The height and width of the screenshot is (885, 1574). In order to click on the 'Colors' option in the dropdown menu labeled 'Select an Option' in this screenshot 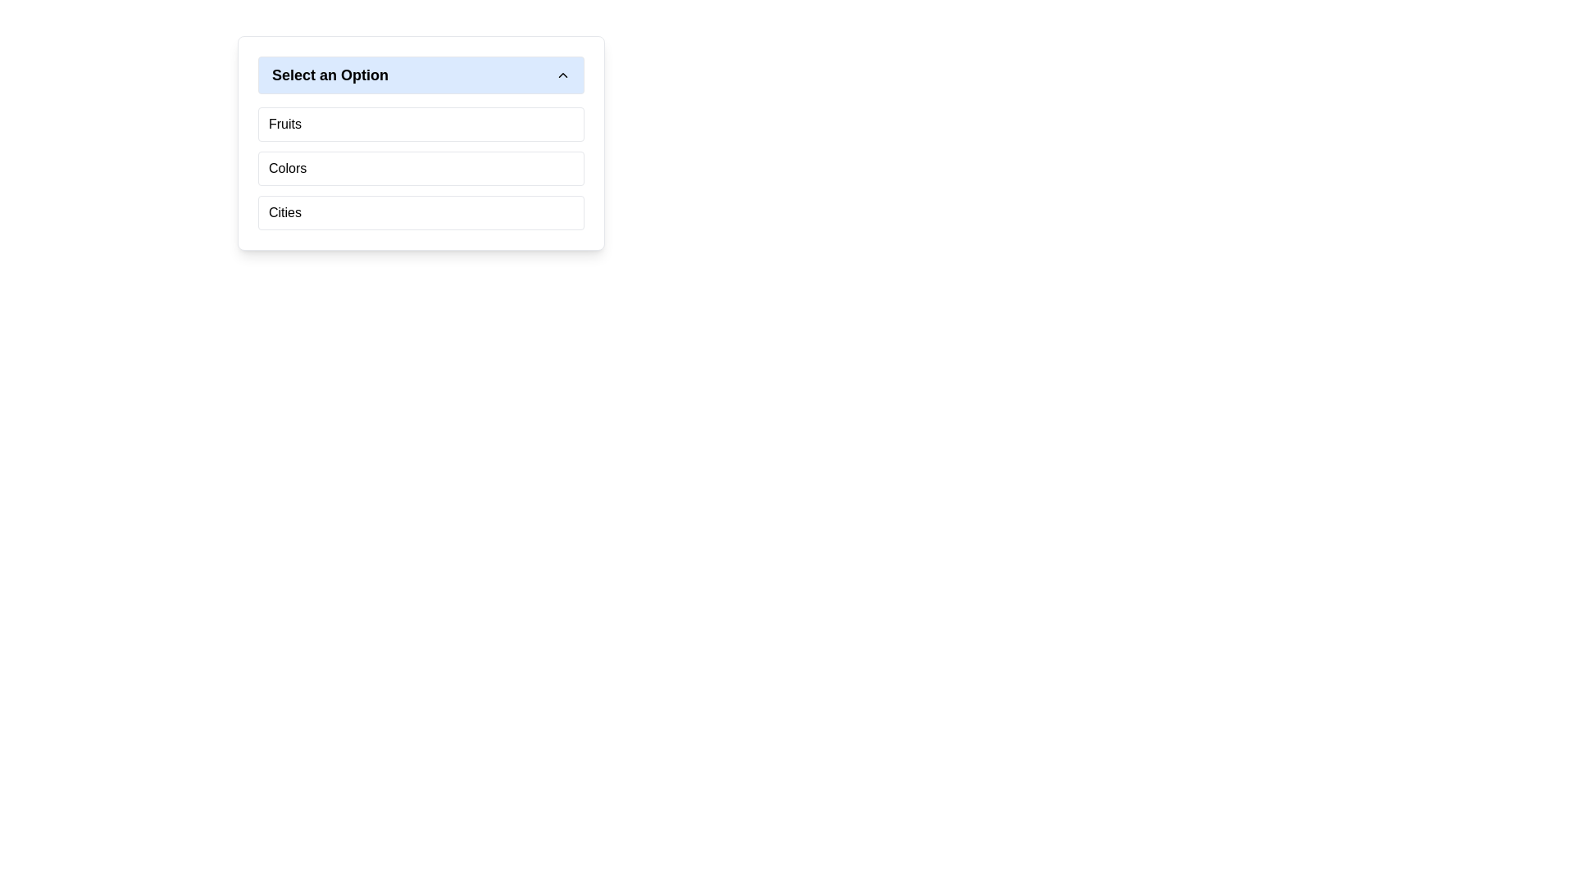, I will do `click(287, 168)`.